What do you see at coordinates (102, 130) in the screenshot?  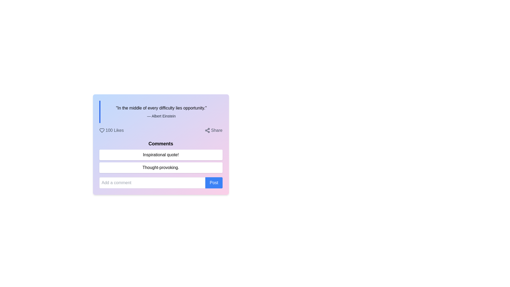 I see `the like icon located to the left of the '100 Likes' text` at bounding box center [102, 130].